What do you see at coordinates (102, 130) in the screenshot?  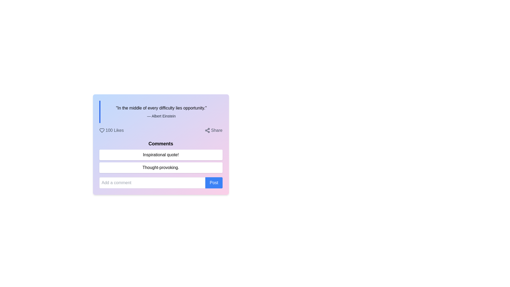 I see `the like icon located to the left of the '100 Likes' text` at bounding box center [102, 130].